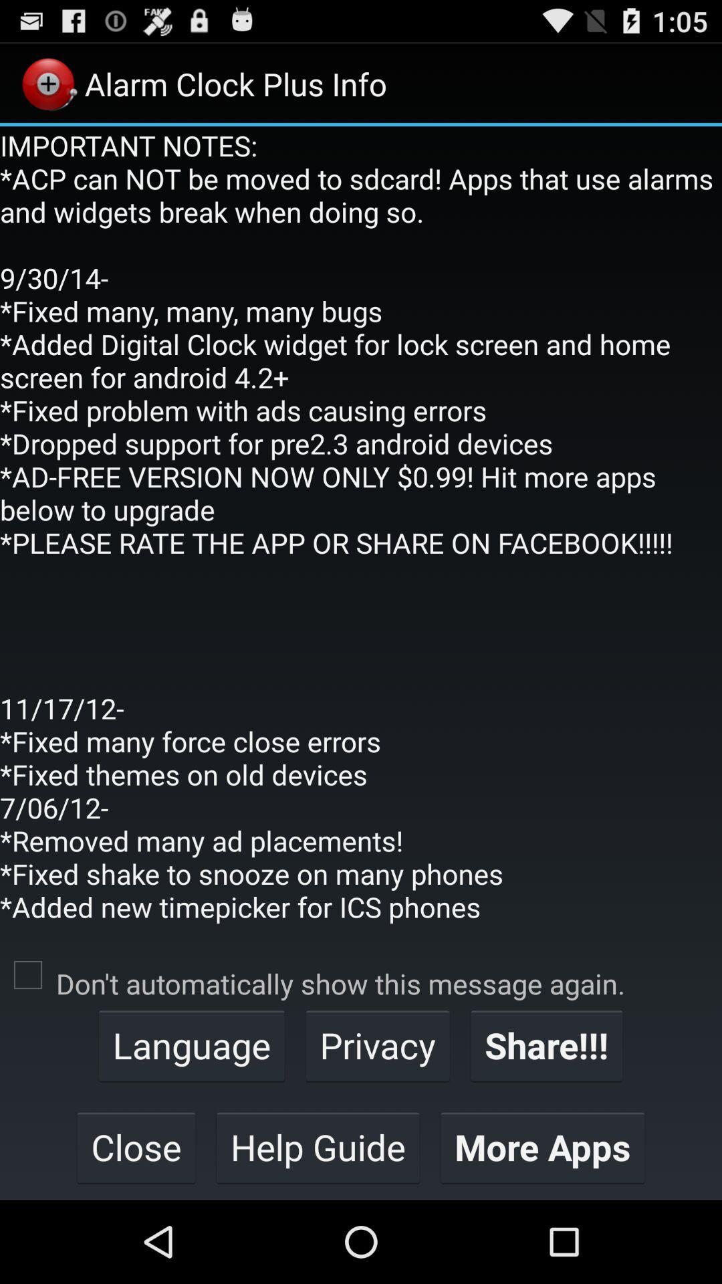 This screenshot has height=1284, width=722. Describe the element at coordinates (318, 1146) in the screenshot. I see `icon below language icon` at that location.